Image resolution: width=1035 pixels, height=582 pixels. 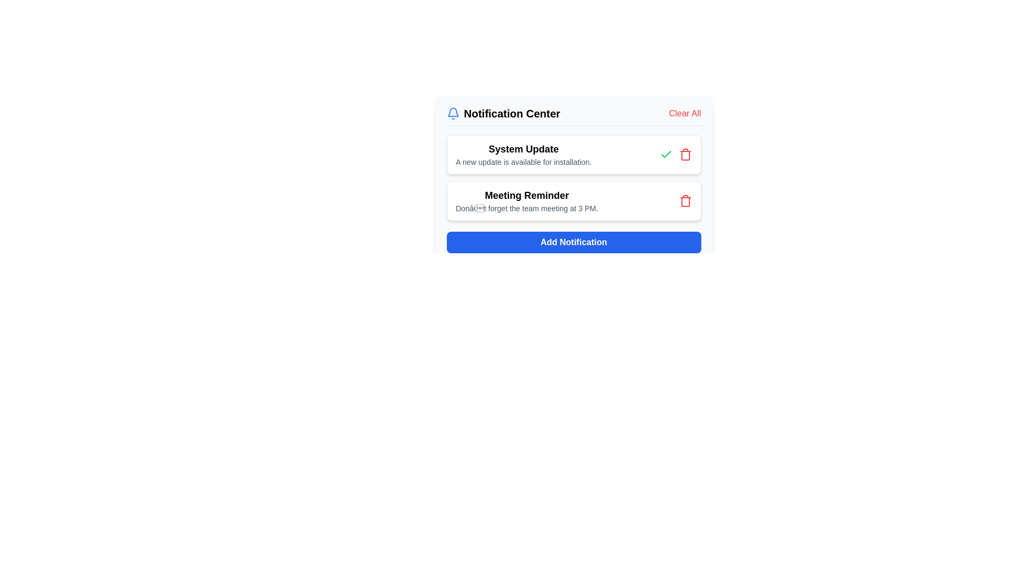 What do you see at coordinates (675, 154) in the screenshot?
I see `the interactive icon group in the notification interface` at bounding box center [675, 154].